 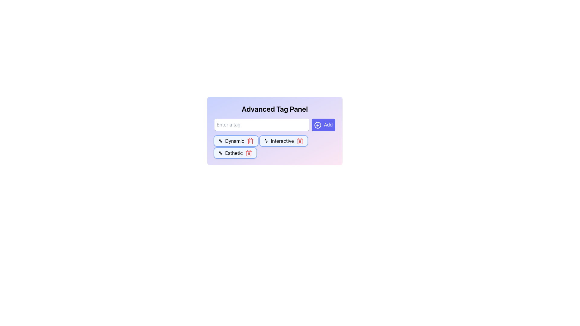 What do you see at coordinates (323, 124) in the screenshot?
I see `the 'Add' button, which is a solid indigo button with rounded corners and white text, located to the far right of the 'Enter a tag' input field in the 'Advanced Tag Panel.'` at bounding box center [323, 124].